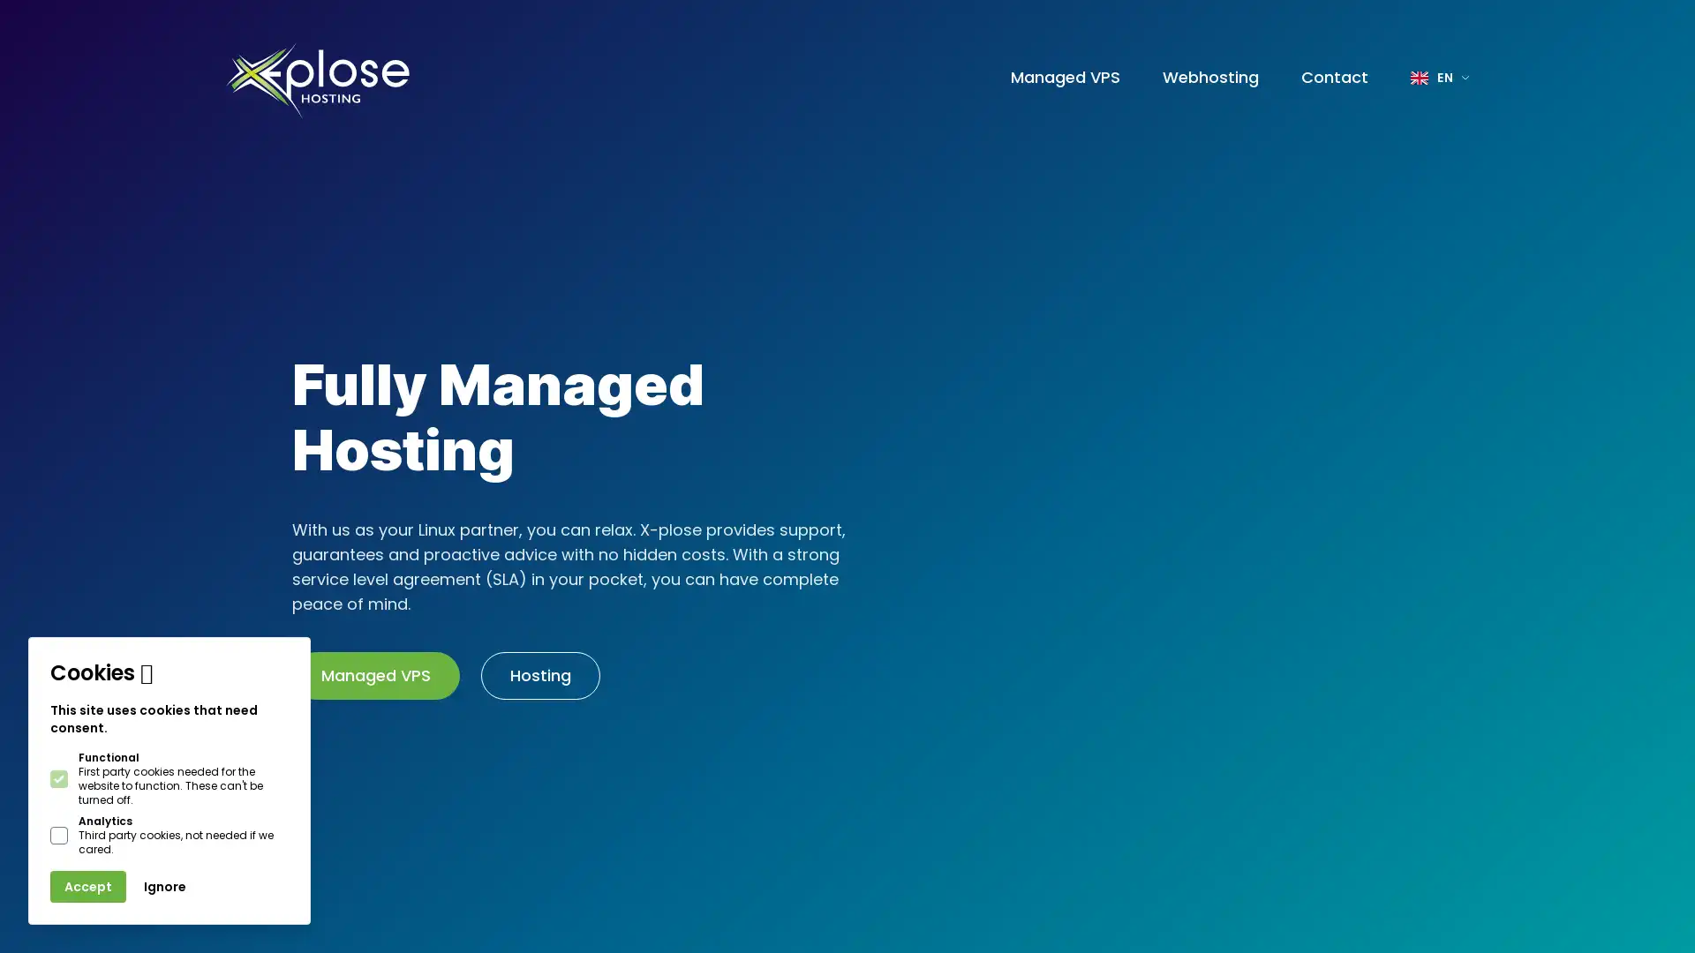 The image size is (1695, 953). I want to click on Accept, so click(87, 887).